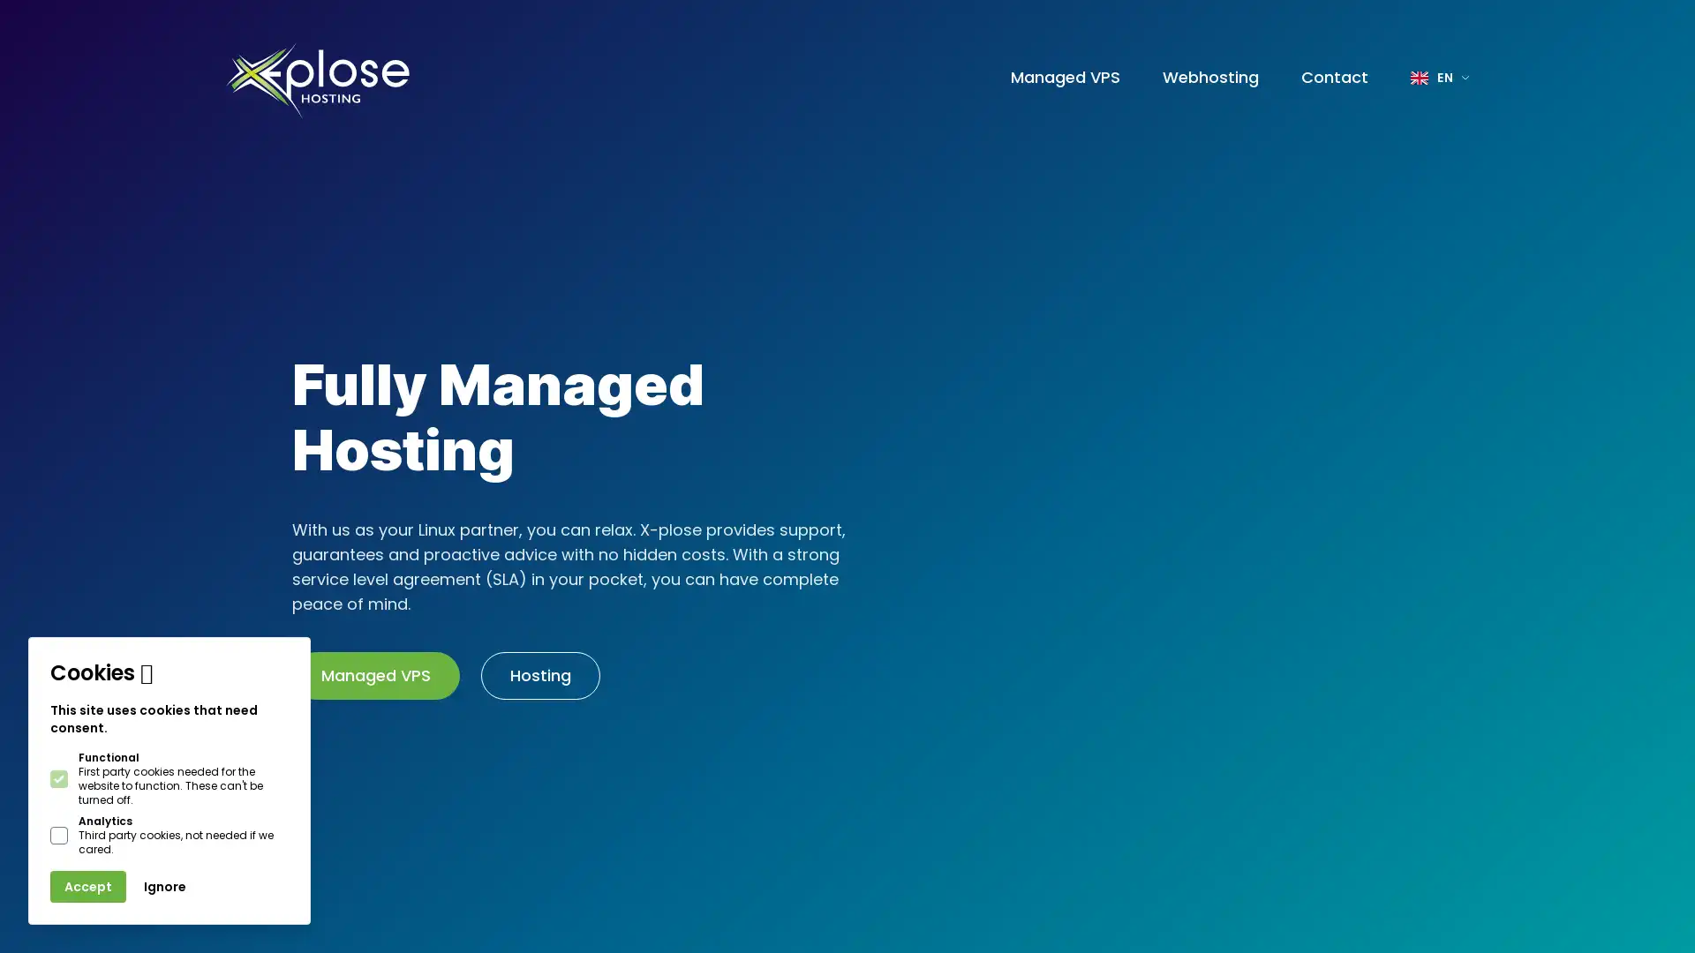 The image size is (1695, 953). I want to click on Accept, so click(87, 887).